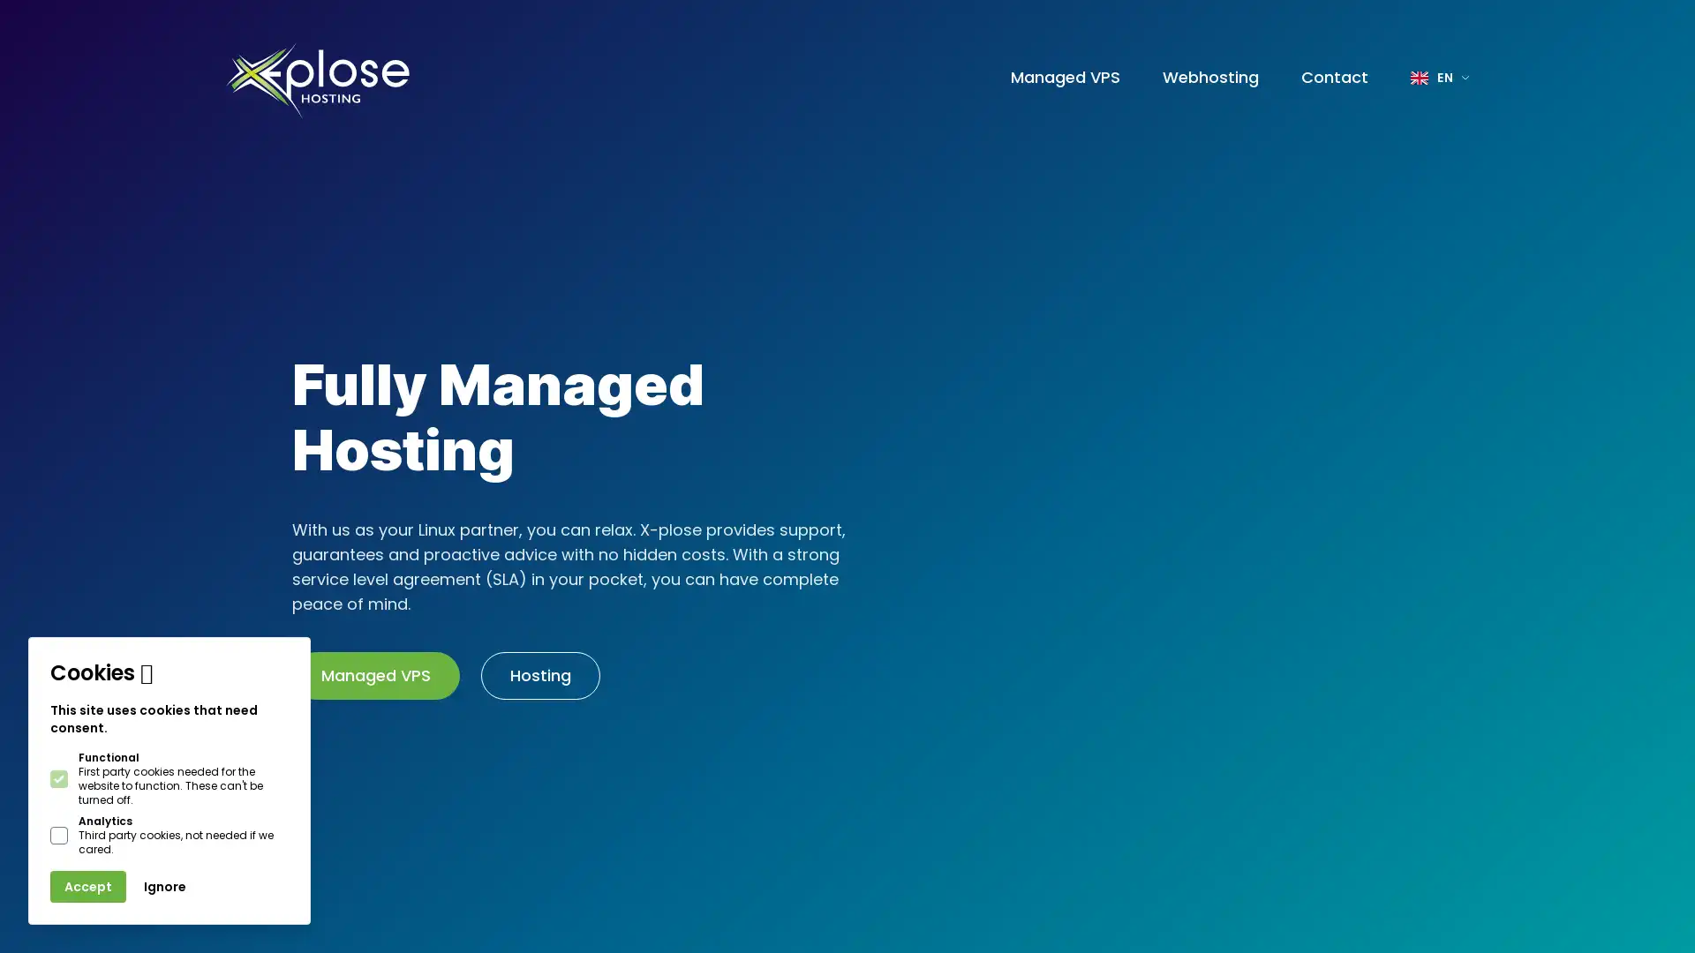 The image size is (1695, 953). I want to click on Accept, so click(87, 887).